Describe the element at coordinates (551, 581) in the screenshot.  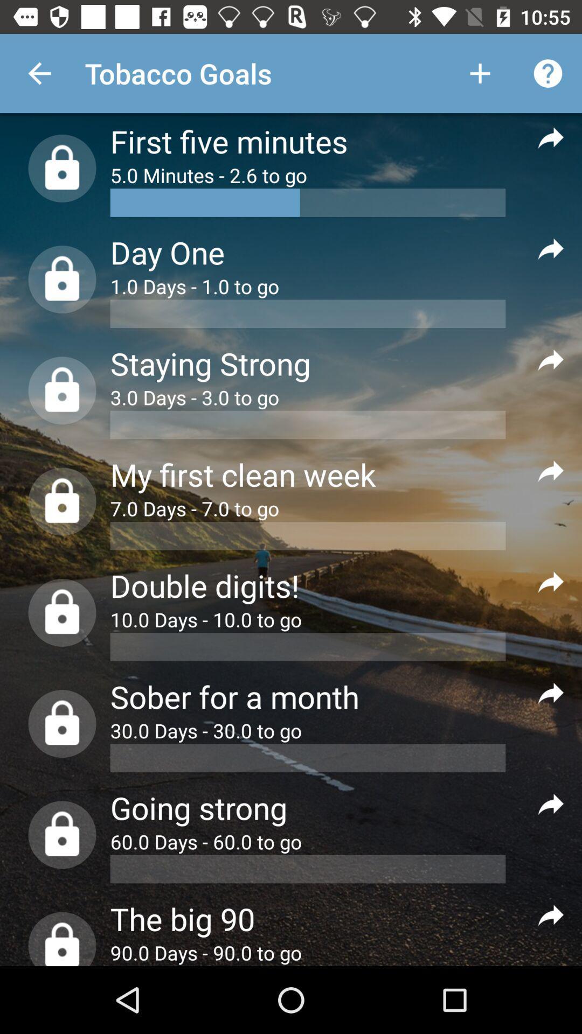
I see `share files` at that location.